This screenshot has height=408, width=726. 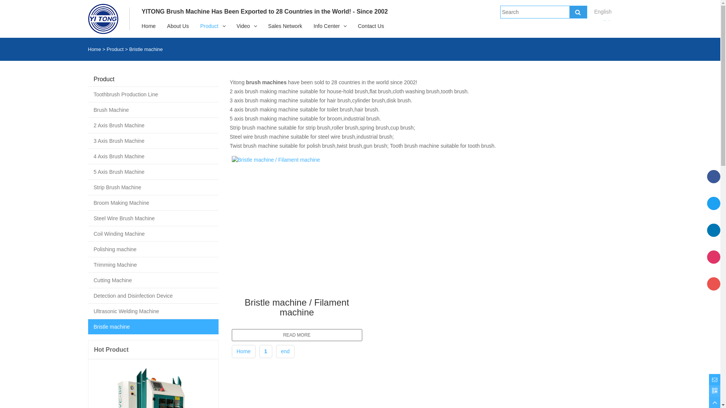 I want to click on 'Product', so click(x=209, y=26).